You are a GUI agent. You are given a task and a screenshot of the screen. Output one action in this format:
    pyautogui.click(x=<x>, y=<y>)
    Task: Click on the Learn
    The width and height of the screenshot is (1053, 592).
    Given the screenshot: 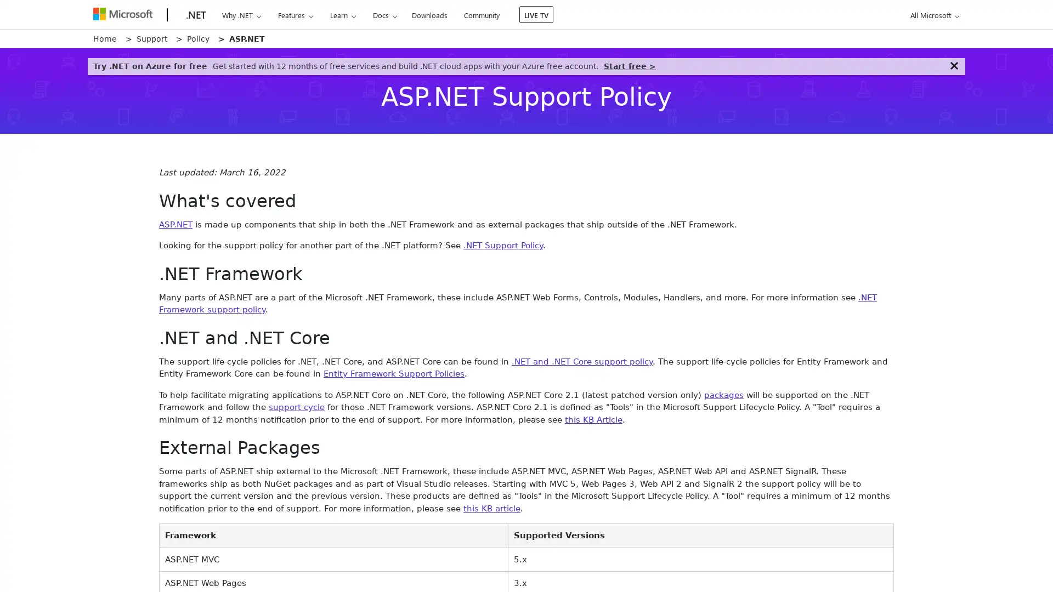 What is the action you would take?
    pyautogui.click(x=342, y=15)
    